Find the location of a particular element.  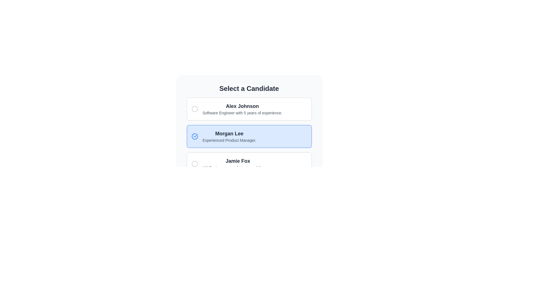

the static text element displaying 'Jamie Fox', which is bold, larger in font size, and dark gray in color, located at the top of the third option block in a vertical list layout is located at coordinates (238, 161).